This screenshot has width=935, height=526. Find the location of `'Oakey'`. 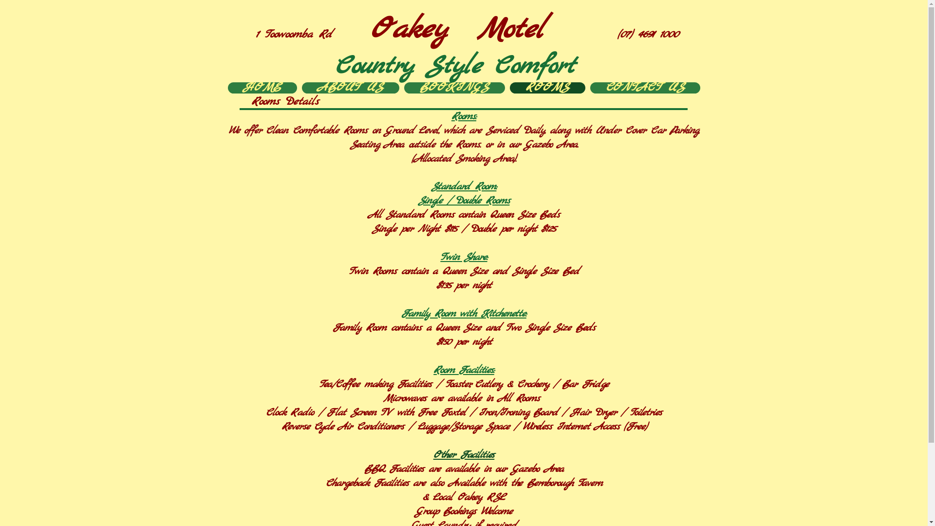

'Oakey' is located at coordinates (409, 29).